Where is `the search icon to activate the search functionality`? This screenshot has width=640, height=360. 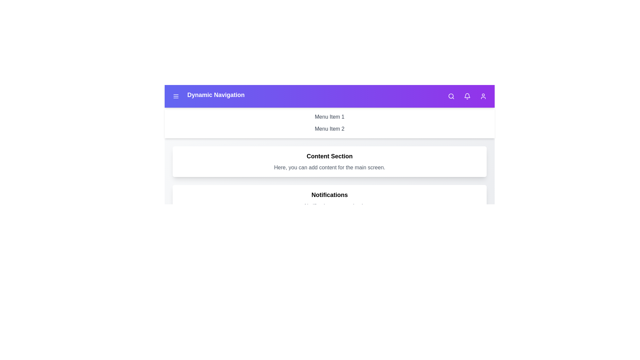
the search icon to activate the search functionality is located at coordinates (451, 96).